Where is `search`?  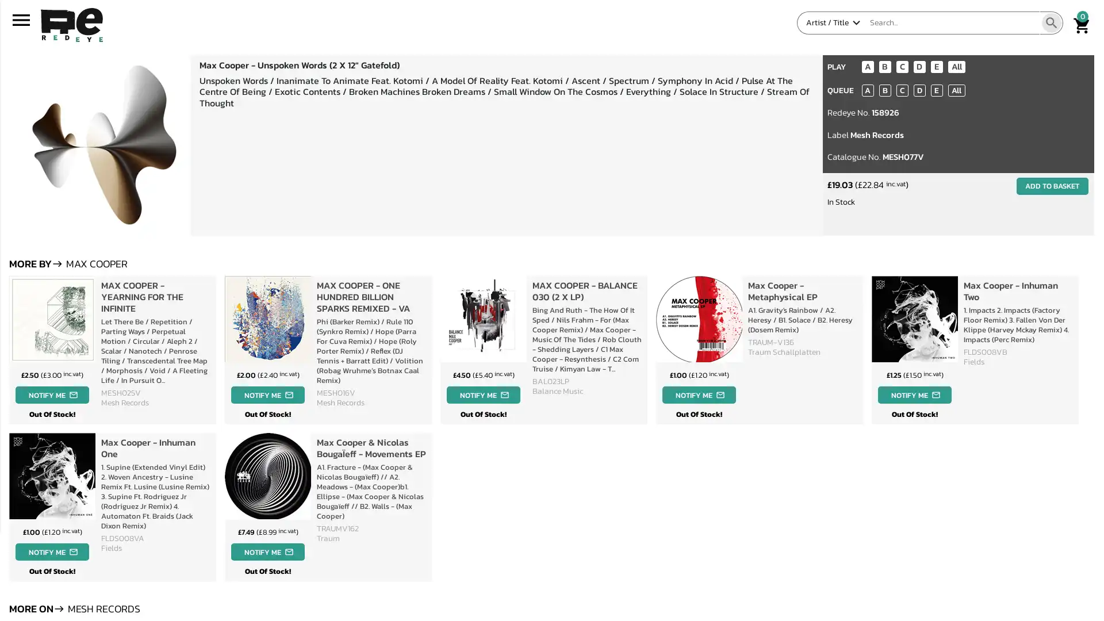
search is located at coordinates (1051, 22).